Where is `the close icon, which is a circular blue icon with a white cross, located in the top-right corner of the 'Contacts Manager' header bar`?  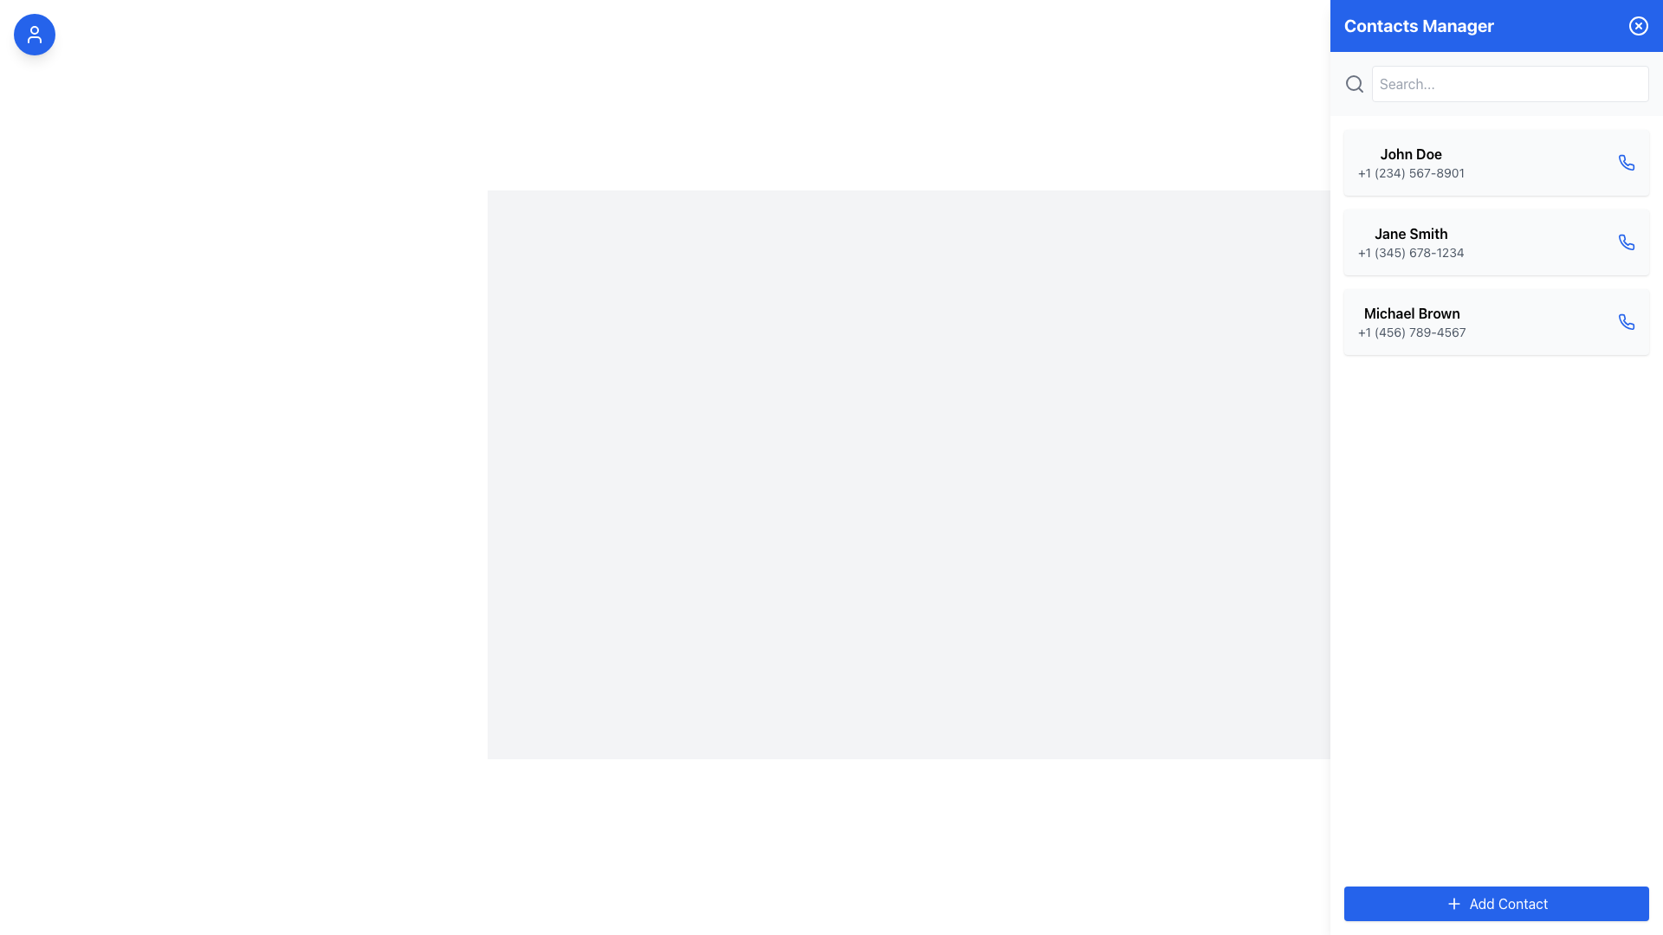 the close icon, which is a circular blue icon with a white cross, located in the top-right corner of the 'Contacts Manager' header bar is located at coordinates (1637, 26).